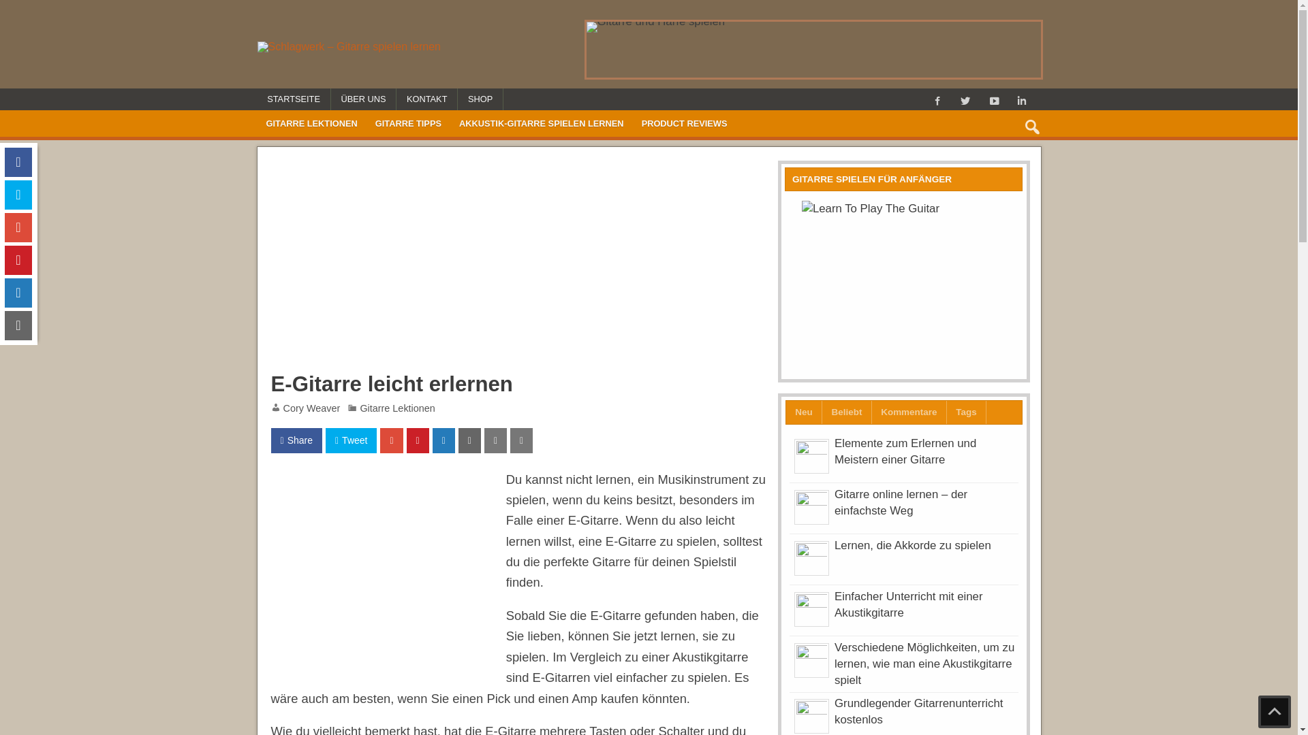  What do you see at coordinates (407, 123) in the screenshot?
I see `'GITARRE TIPPS'` at bounding box center [407, 123].